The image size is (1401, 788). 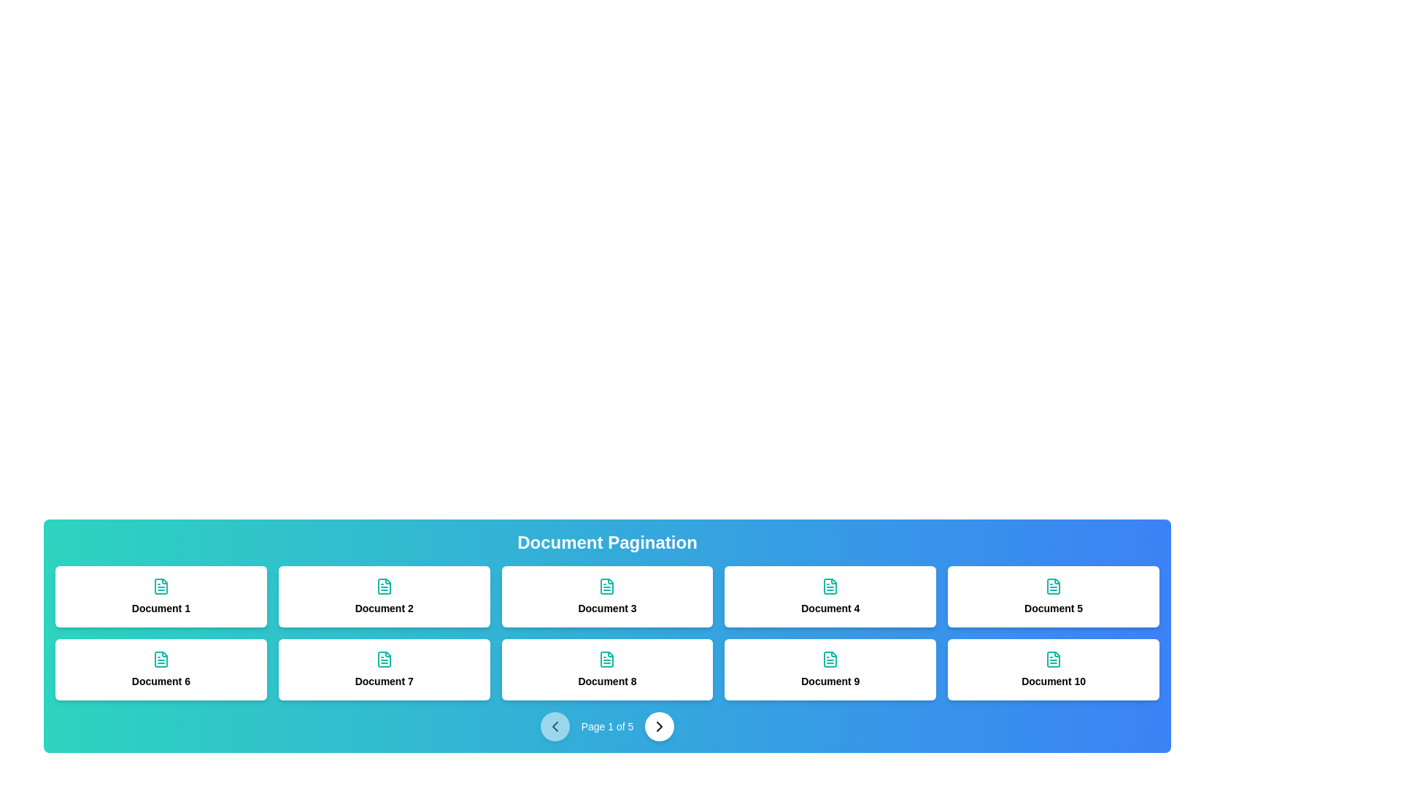 What do you see at coordinates (830, 681) in the screenshot?
I see `the label that identifies the associated document, which is located in the second row and second position from the left in a grid layout, below the document icon` at bounding box center [830, 681].